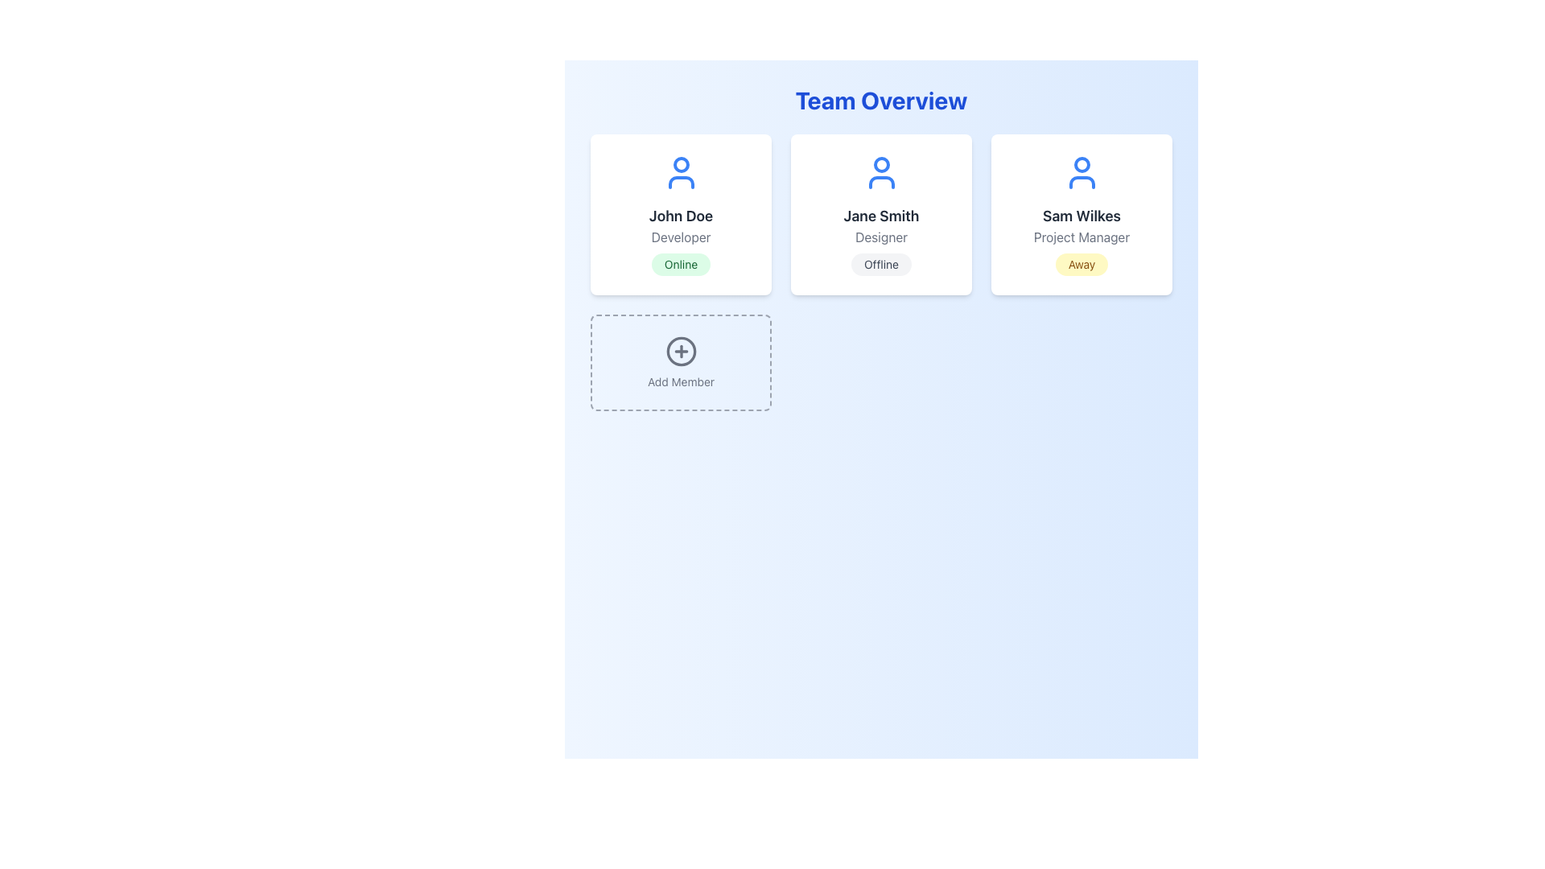  I want to click on text label 'John Doe' which is styled in a large, bold font and placed in dark gray, located in the top left card above the designation 'Developer', so click(681, 216).